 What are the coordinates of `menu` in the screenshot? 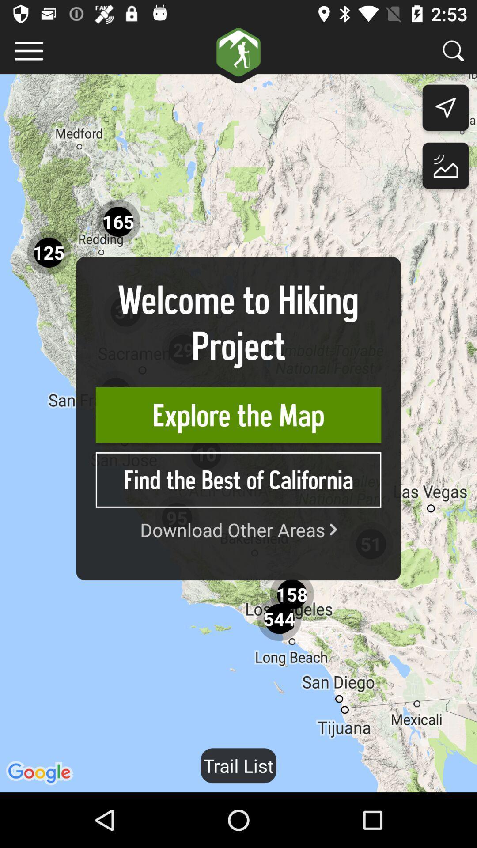 It's located at (28, 50).